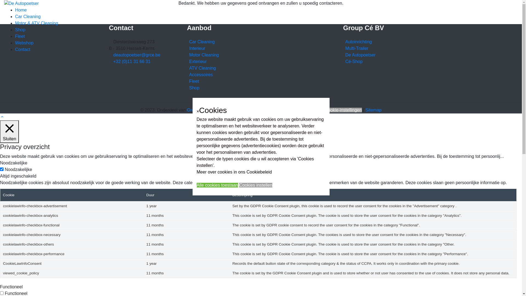 The width and height of the screenshot is (526, 296). Describe the element at coordinates (197, 185) in the screenshot. I see `'Alle cookies toestaan'` at that location.